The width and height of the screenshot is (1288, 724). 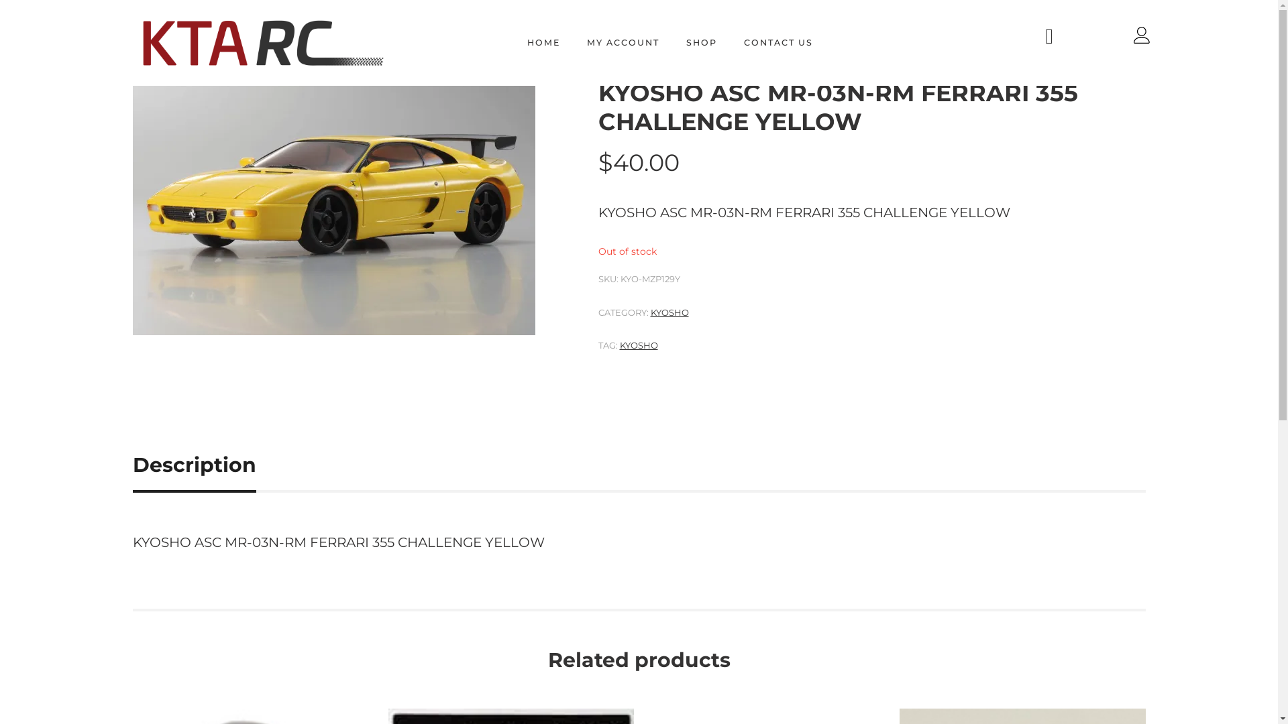 I want to click on 'MY ACCOUNT', so click(x=586, y=42).